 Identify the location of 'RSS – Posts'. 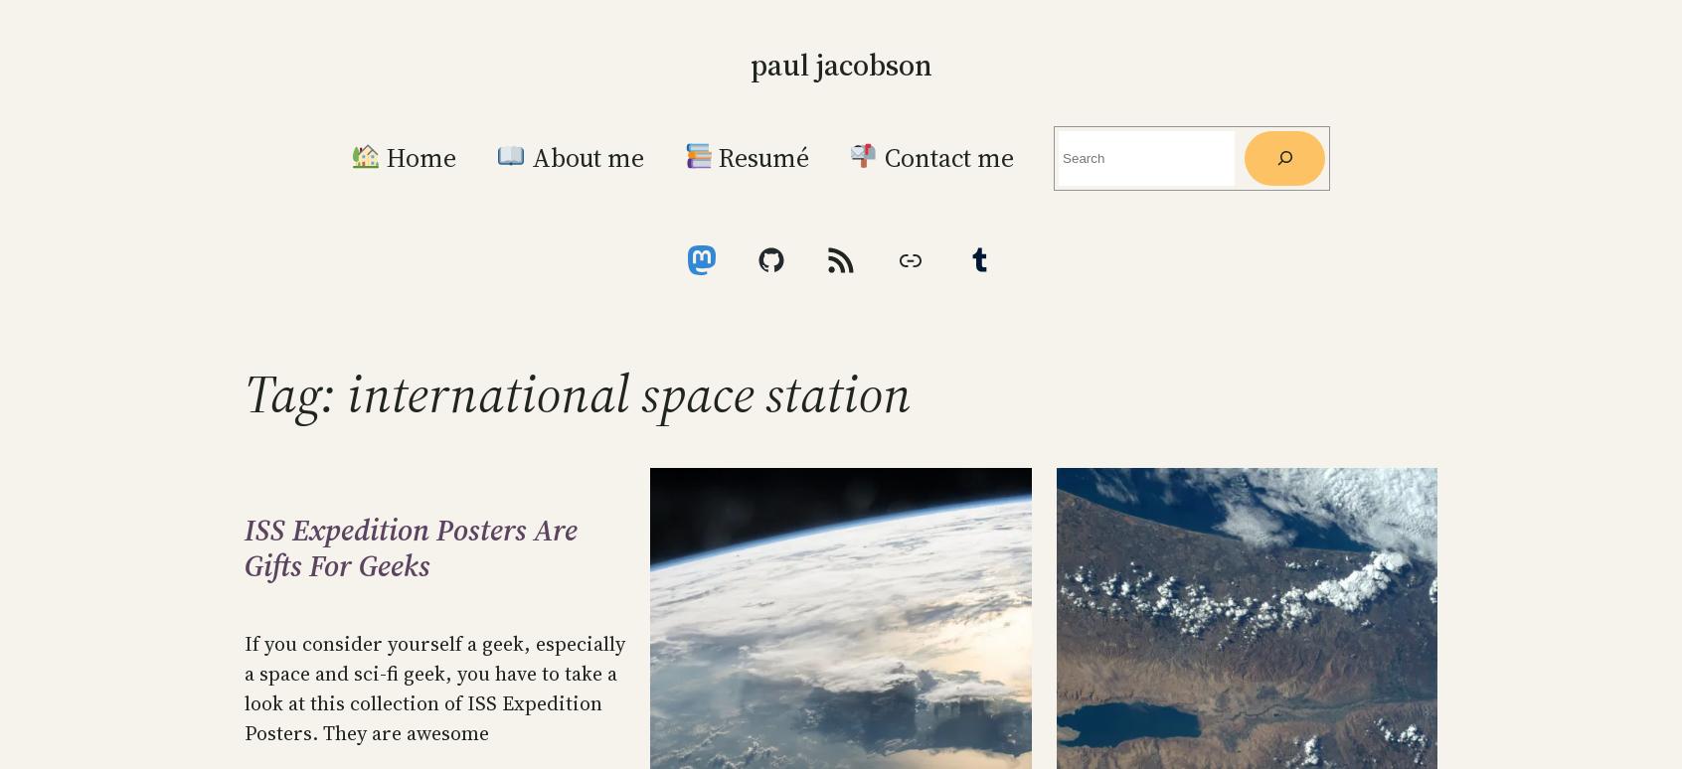
(1382, 612).